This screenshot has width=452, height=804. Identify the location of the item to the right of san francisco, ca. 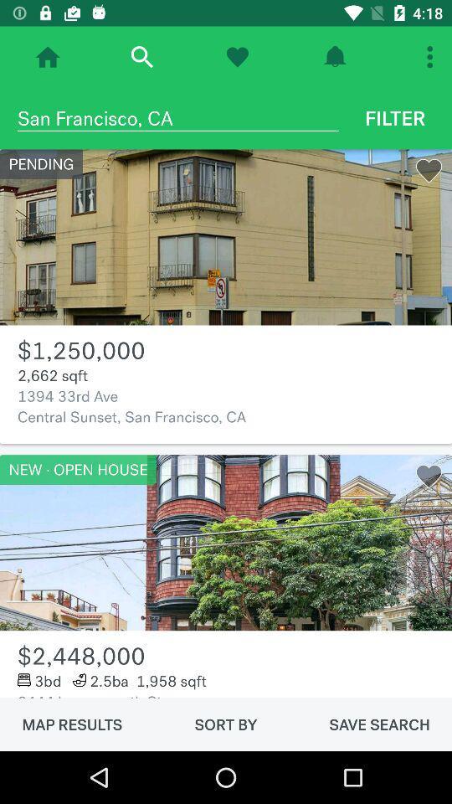
(395, 117).